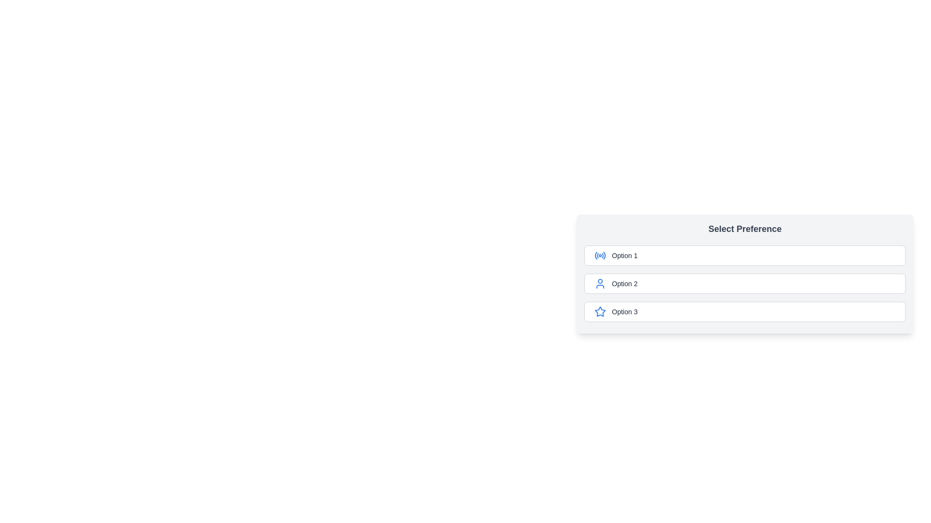 This screenshot has width=931, height=523. I want to click on the text label for 'Option 2' in the 'Select Preference' interface, which identifies the second selectable option, so click(625, 283).